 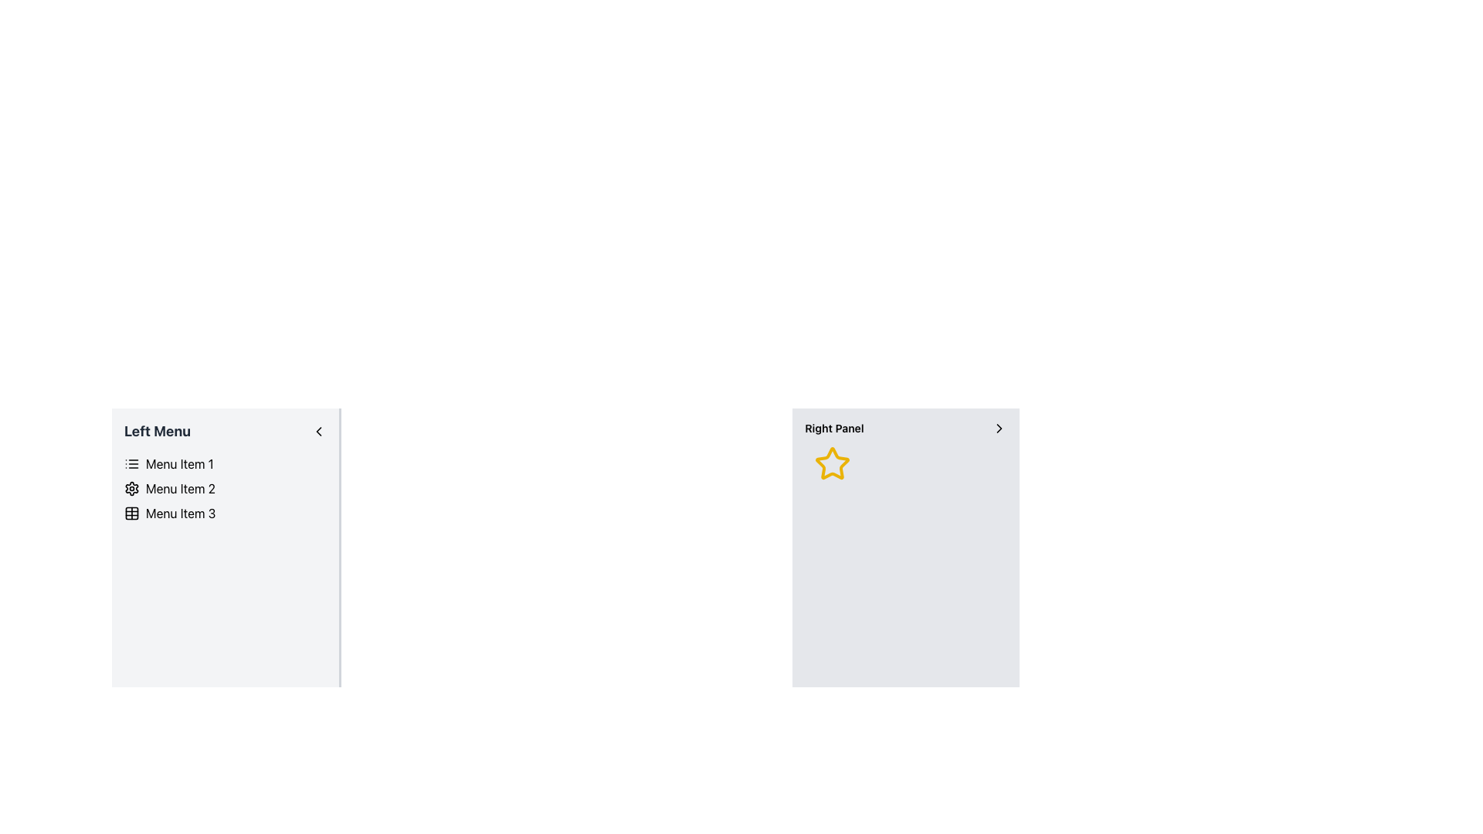 What do you see at coordinates (317, 432) in the screenshot?
I see `the left-pointing arrow SVG icon located at the top right of the 'Left Menu' panel, which is designed for navigation or interaction` at bounding box center [317, 432].